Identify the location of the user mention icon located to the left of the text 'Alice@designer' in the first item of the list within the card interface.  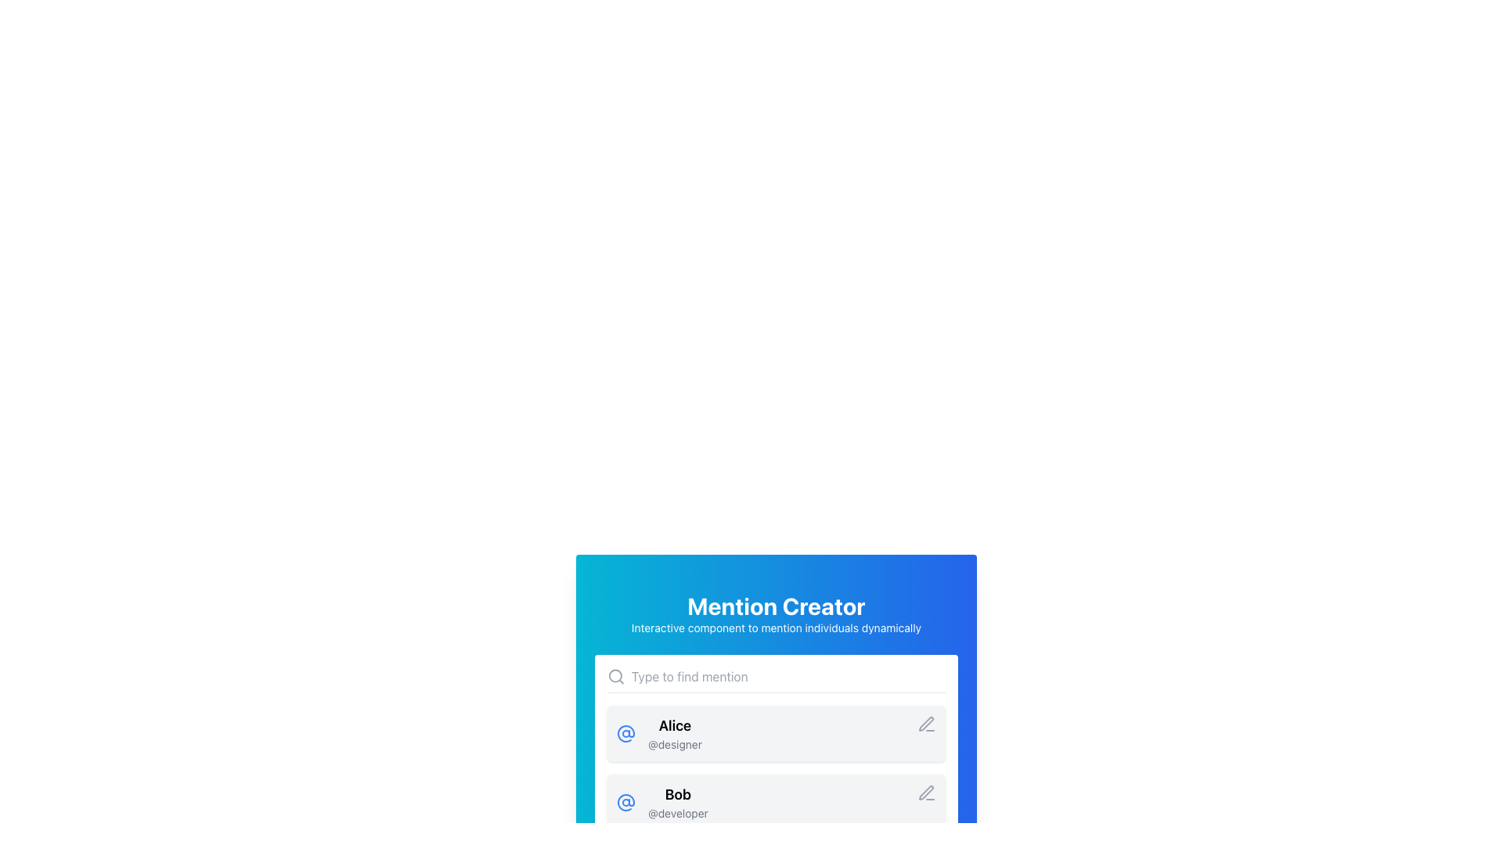
(626, 733).